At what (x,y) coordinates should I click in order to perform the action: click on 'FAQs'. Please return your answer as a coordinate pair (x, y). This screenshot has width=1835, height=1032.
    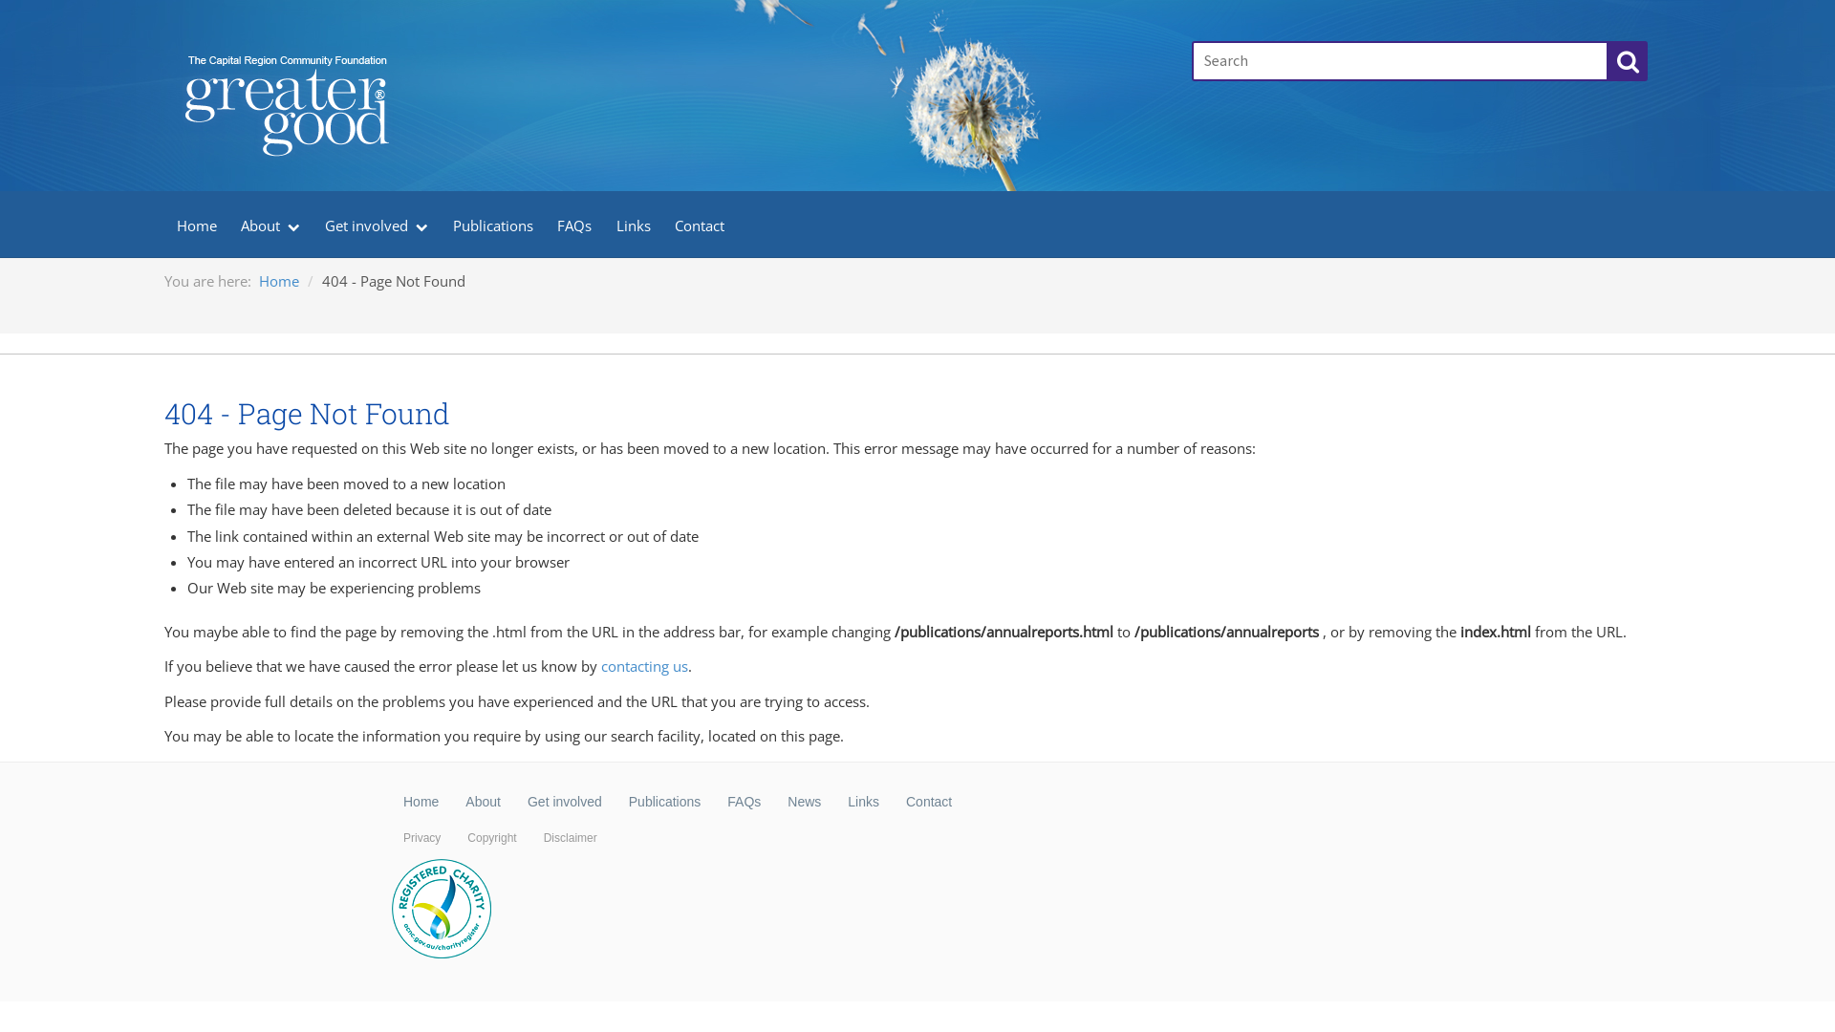
    Looking at the image, I should click on (743, 802).